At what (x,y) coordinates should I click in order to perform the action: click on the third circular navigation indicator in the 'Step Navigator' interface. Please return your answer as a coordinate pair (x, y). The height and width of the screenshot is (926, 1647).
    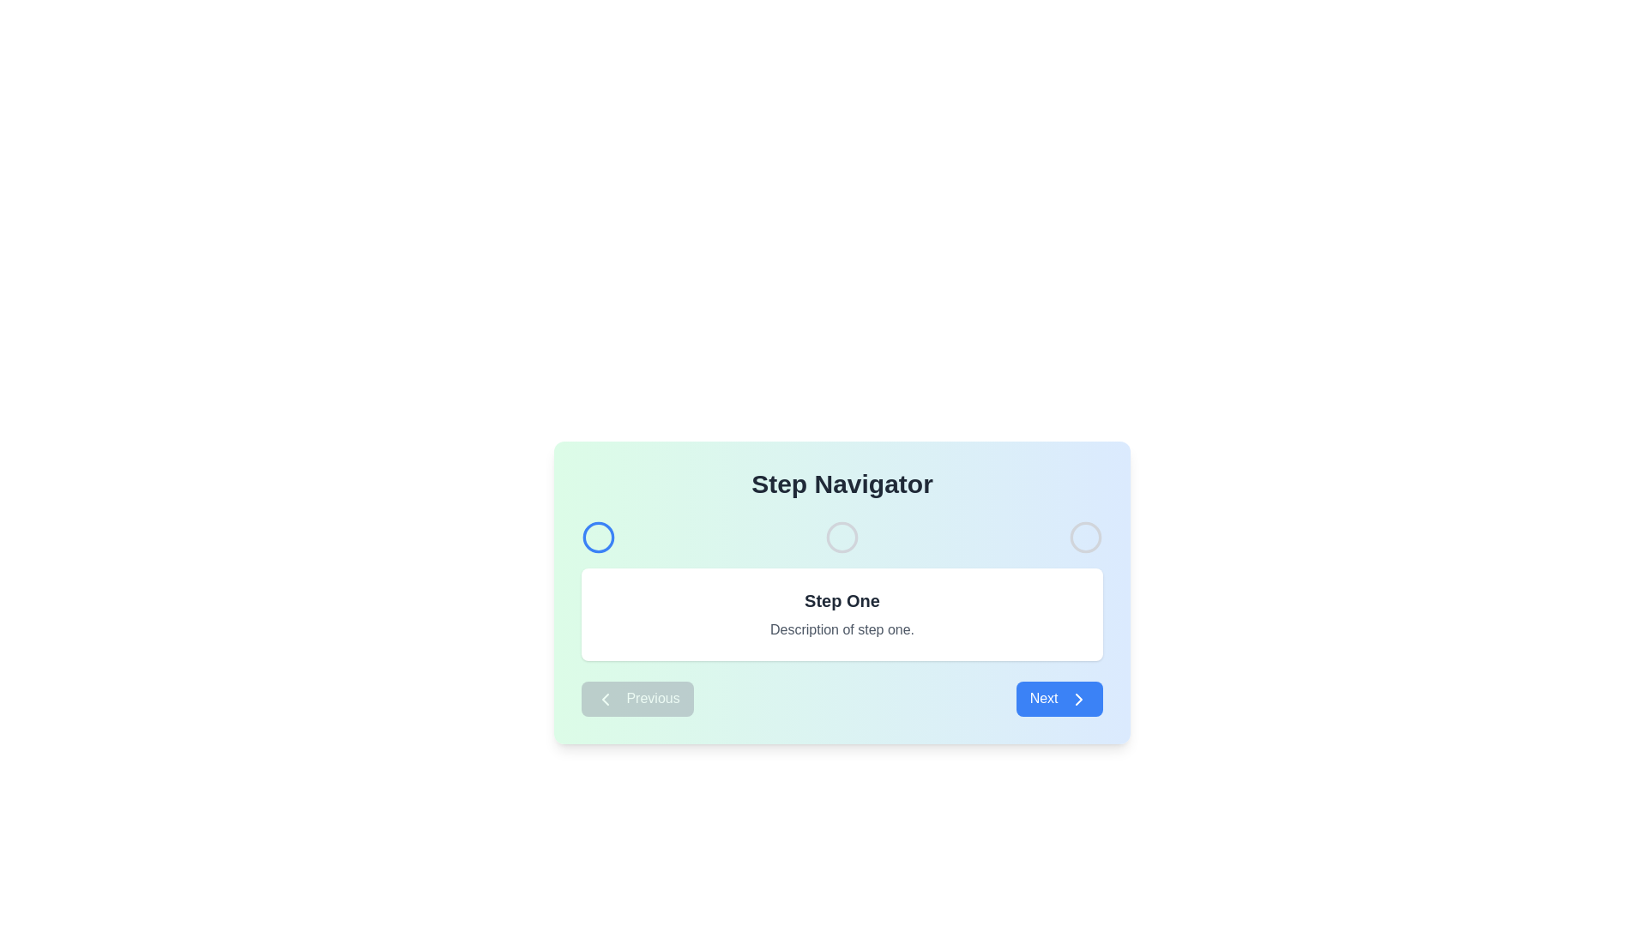
    Looking at the image, I should click on (1085, 537).